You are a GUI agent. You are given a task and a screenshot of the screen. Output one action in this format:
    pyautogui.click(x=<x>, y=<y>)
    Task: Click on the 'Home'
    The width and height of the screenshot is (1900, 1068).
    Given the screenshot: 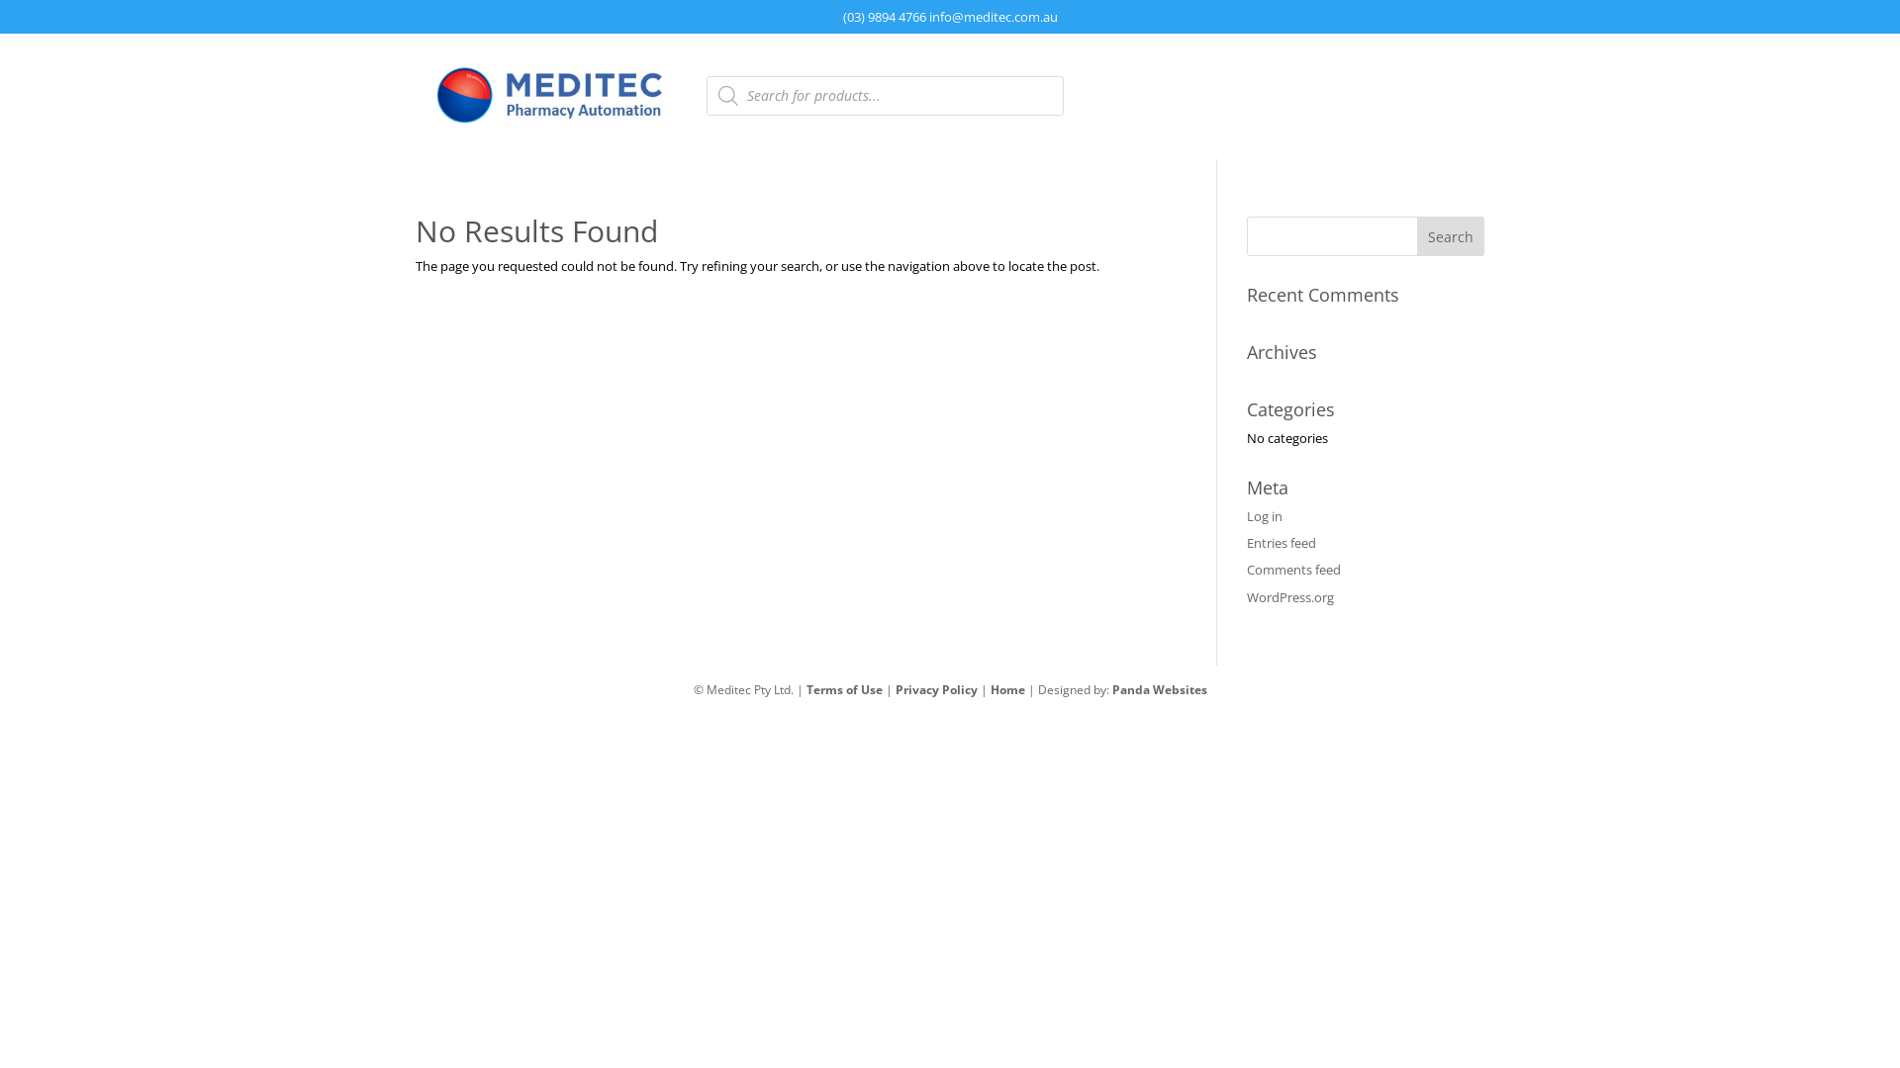 What is the action you would take?
    pyautogui.click(x=1006, y=688)
    